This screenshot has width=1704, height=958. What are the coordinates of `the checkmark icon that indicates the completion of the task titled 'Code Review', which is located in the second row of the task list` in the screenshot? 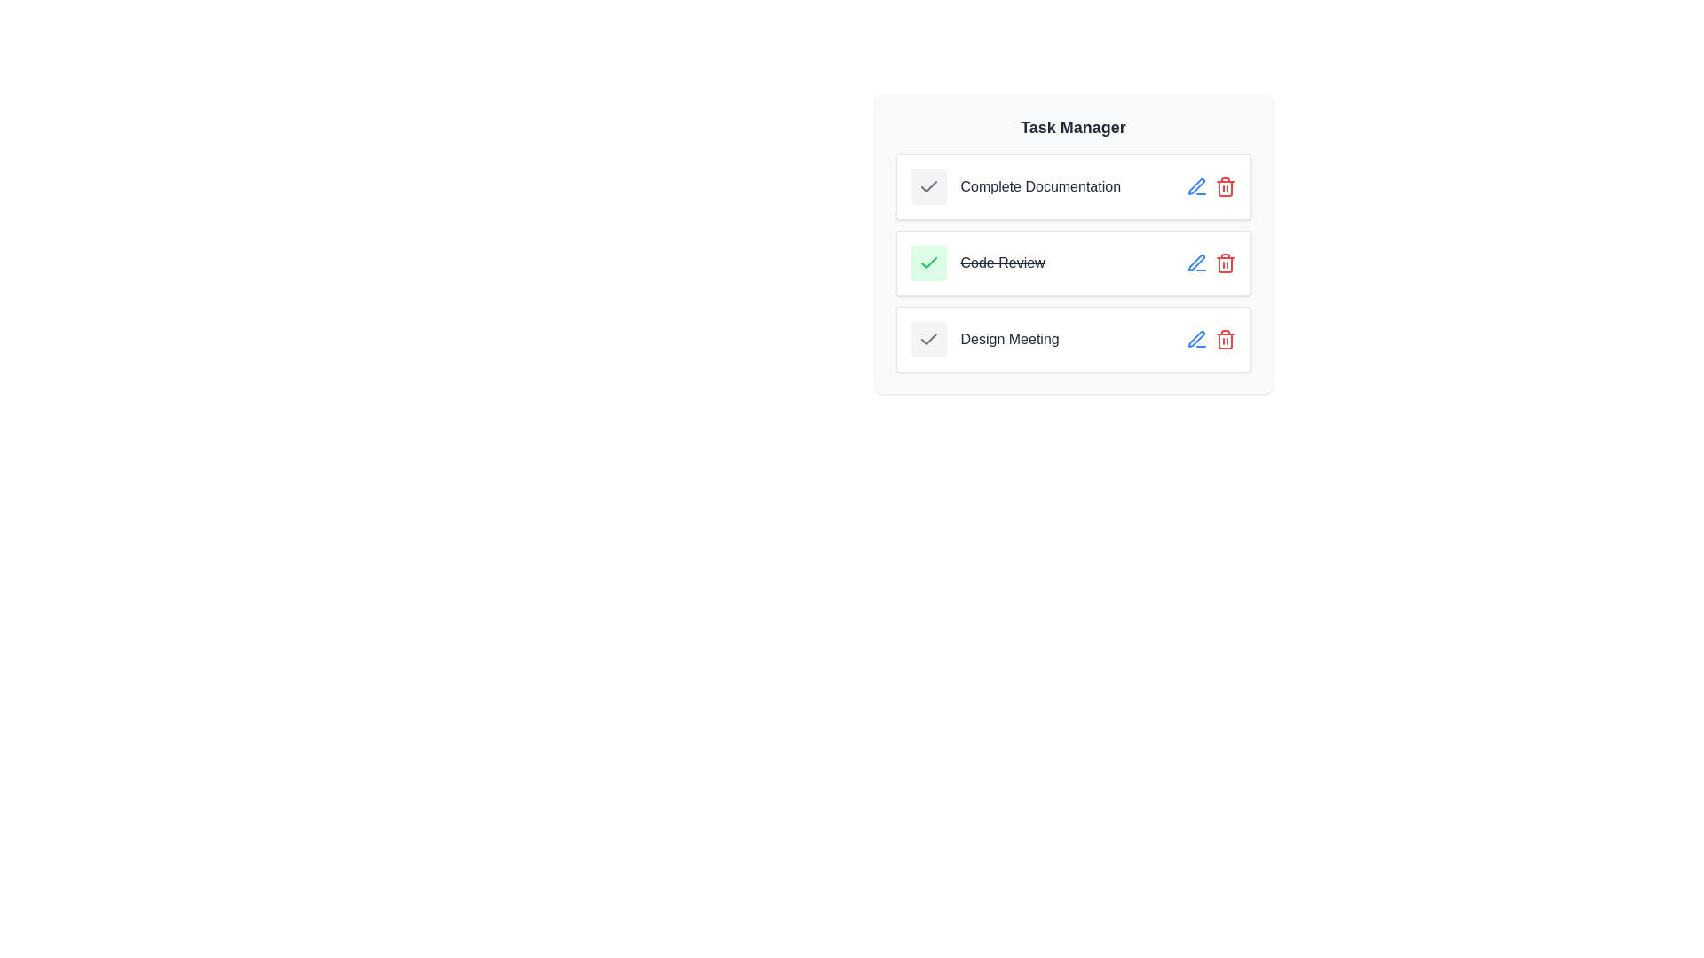 It's located at (927, 186).